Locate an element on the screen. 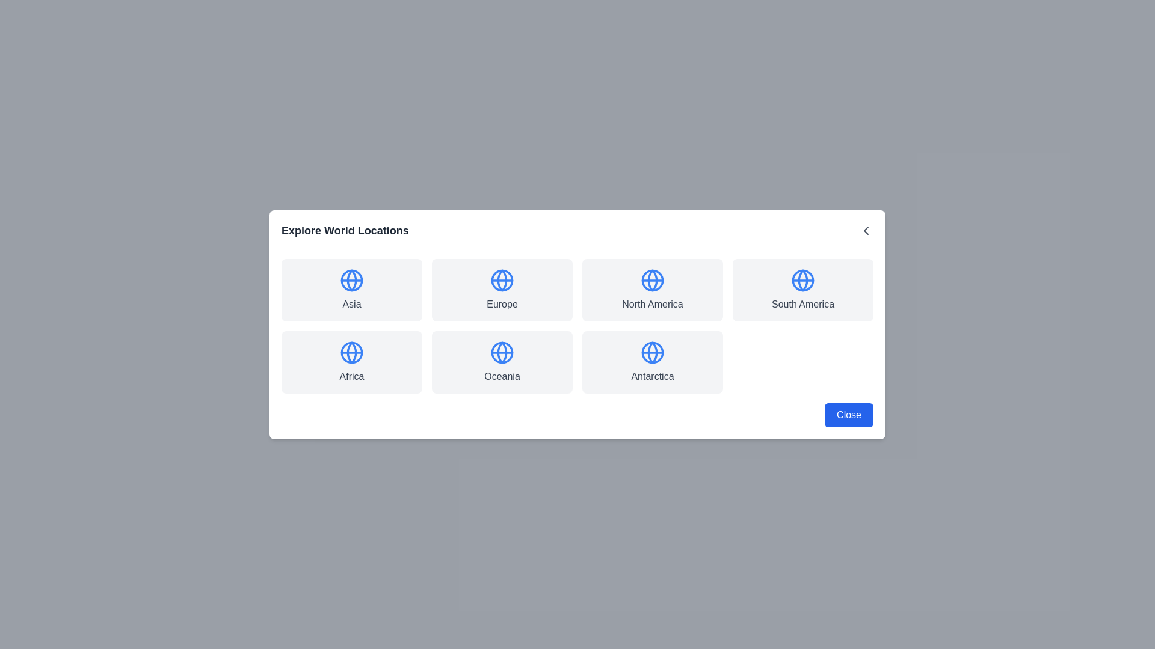 This screenshot has width=1155, height=649. the location South America is located at coordinates (802, 290).